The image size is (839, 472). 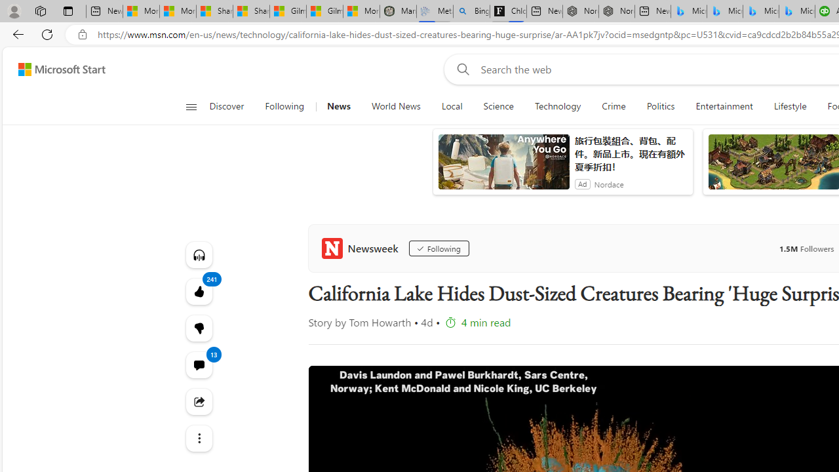 I want to click on 'Local', so click(x=452, y=106).